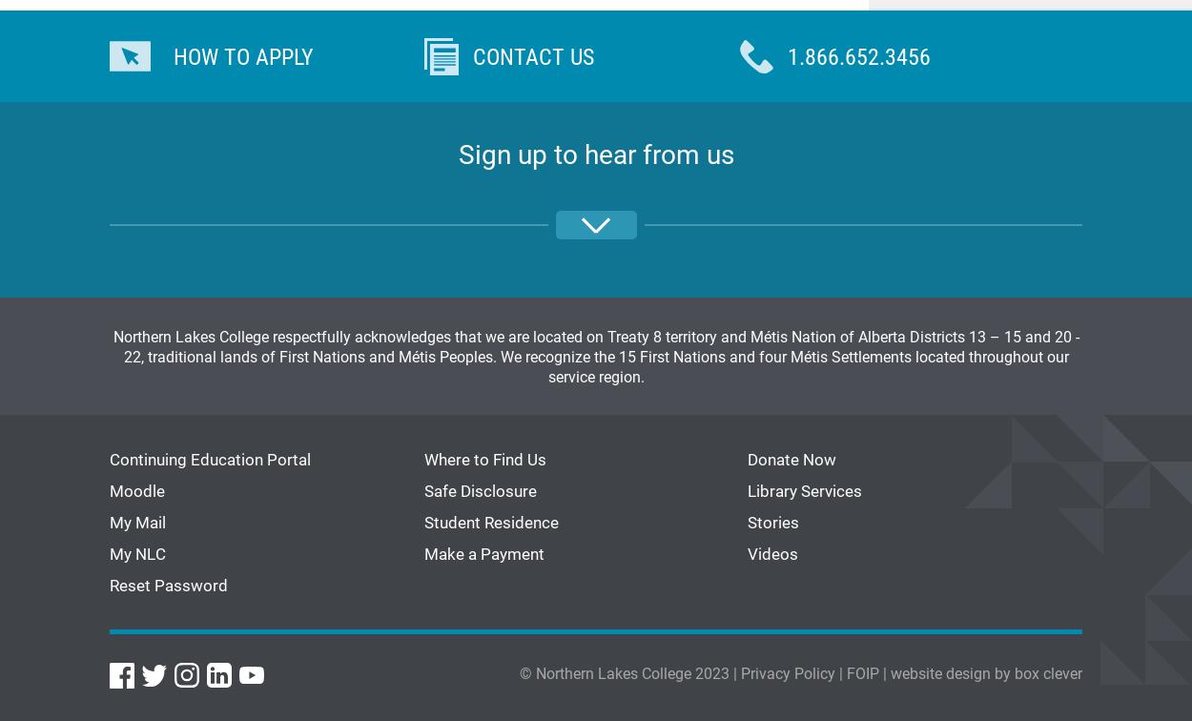  What do you see at coordinates (243, 55) in the screenshot?
I see `'How to Apply'` at bounding box center [243, 55].